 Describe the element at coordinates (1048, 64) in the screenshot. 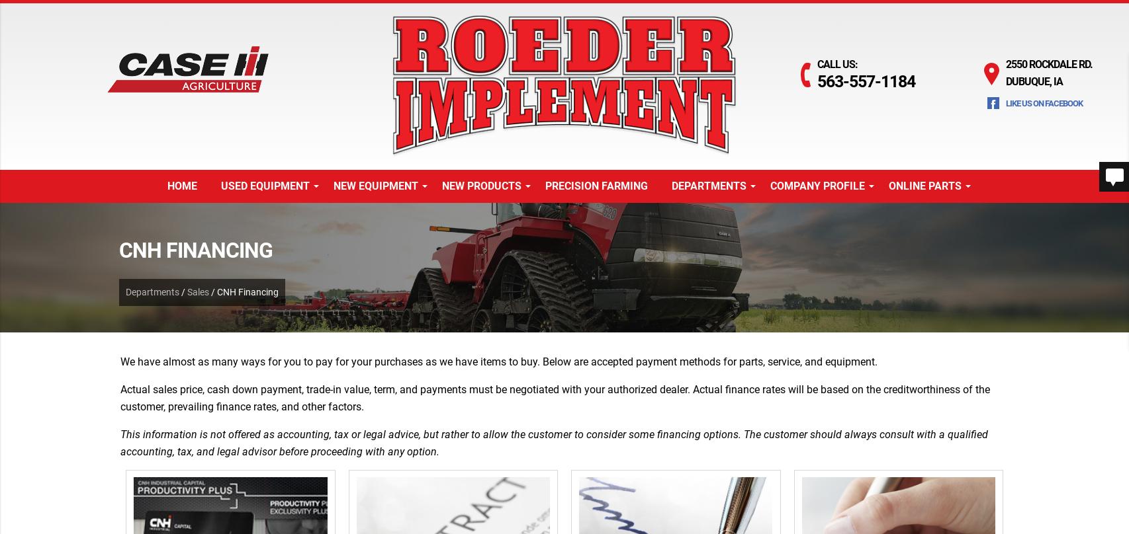

I see `'2550 Rockdale Rd.'` at that location.